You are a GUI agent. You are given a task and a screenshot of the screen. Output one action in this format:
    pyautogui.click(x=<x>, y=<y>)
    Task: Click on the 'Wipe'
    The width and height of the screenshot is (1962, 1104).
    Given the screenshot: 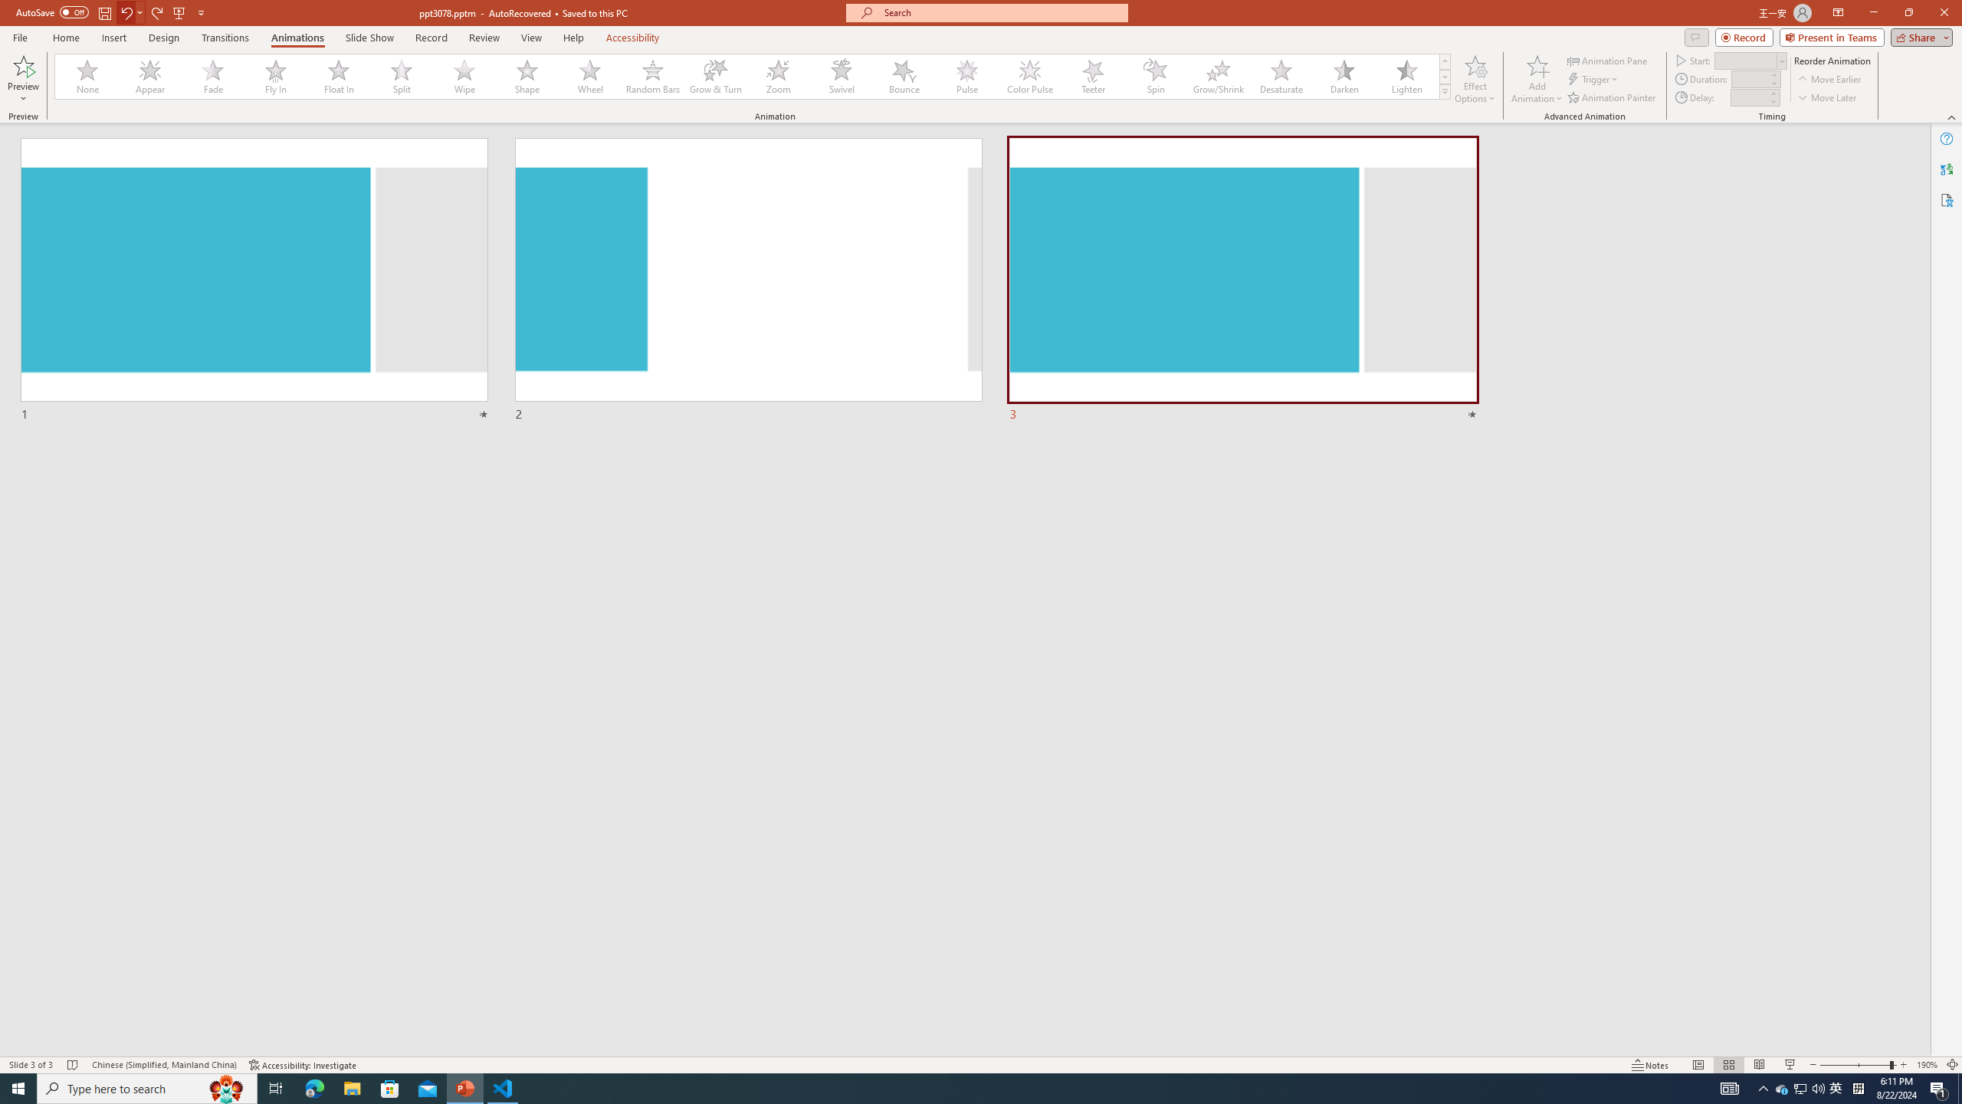 What is the action you would take?
    pyautogui.click(x=464, y=76)
    